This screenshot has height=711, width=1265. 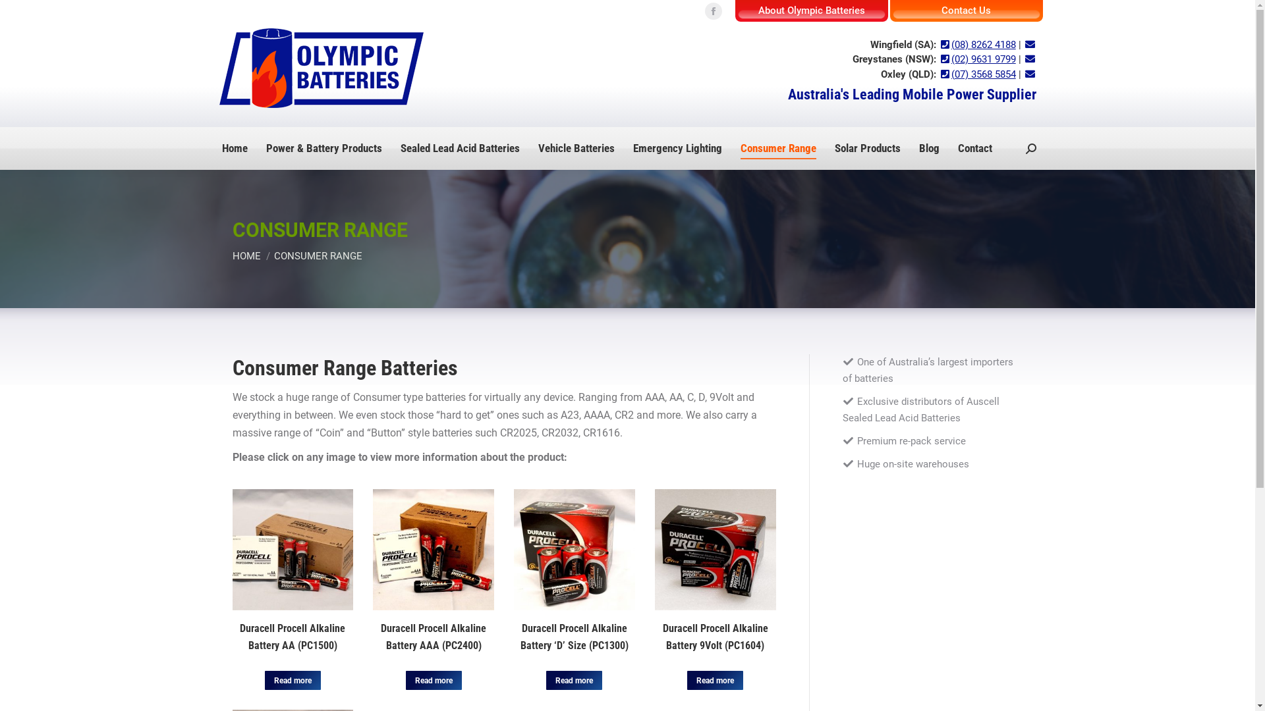 I want to click on 'Sealed Lead Acid Batteries', so click(x=460, y=148).